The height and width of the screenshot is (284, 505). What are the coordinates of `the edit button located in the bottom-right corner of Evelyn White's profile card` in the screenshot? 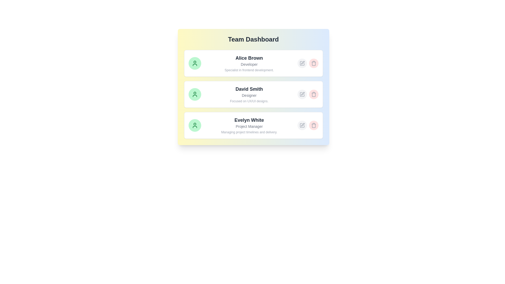 It's located at (302, 125).